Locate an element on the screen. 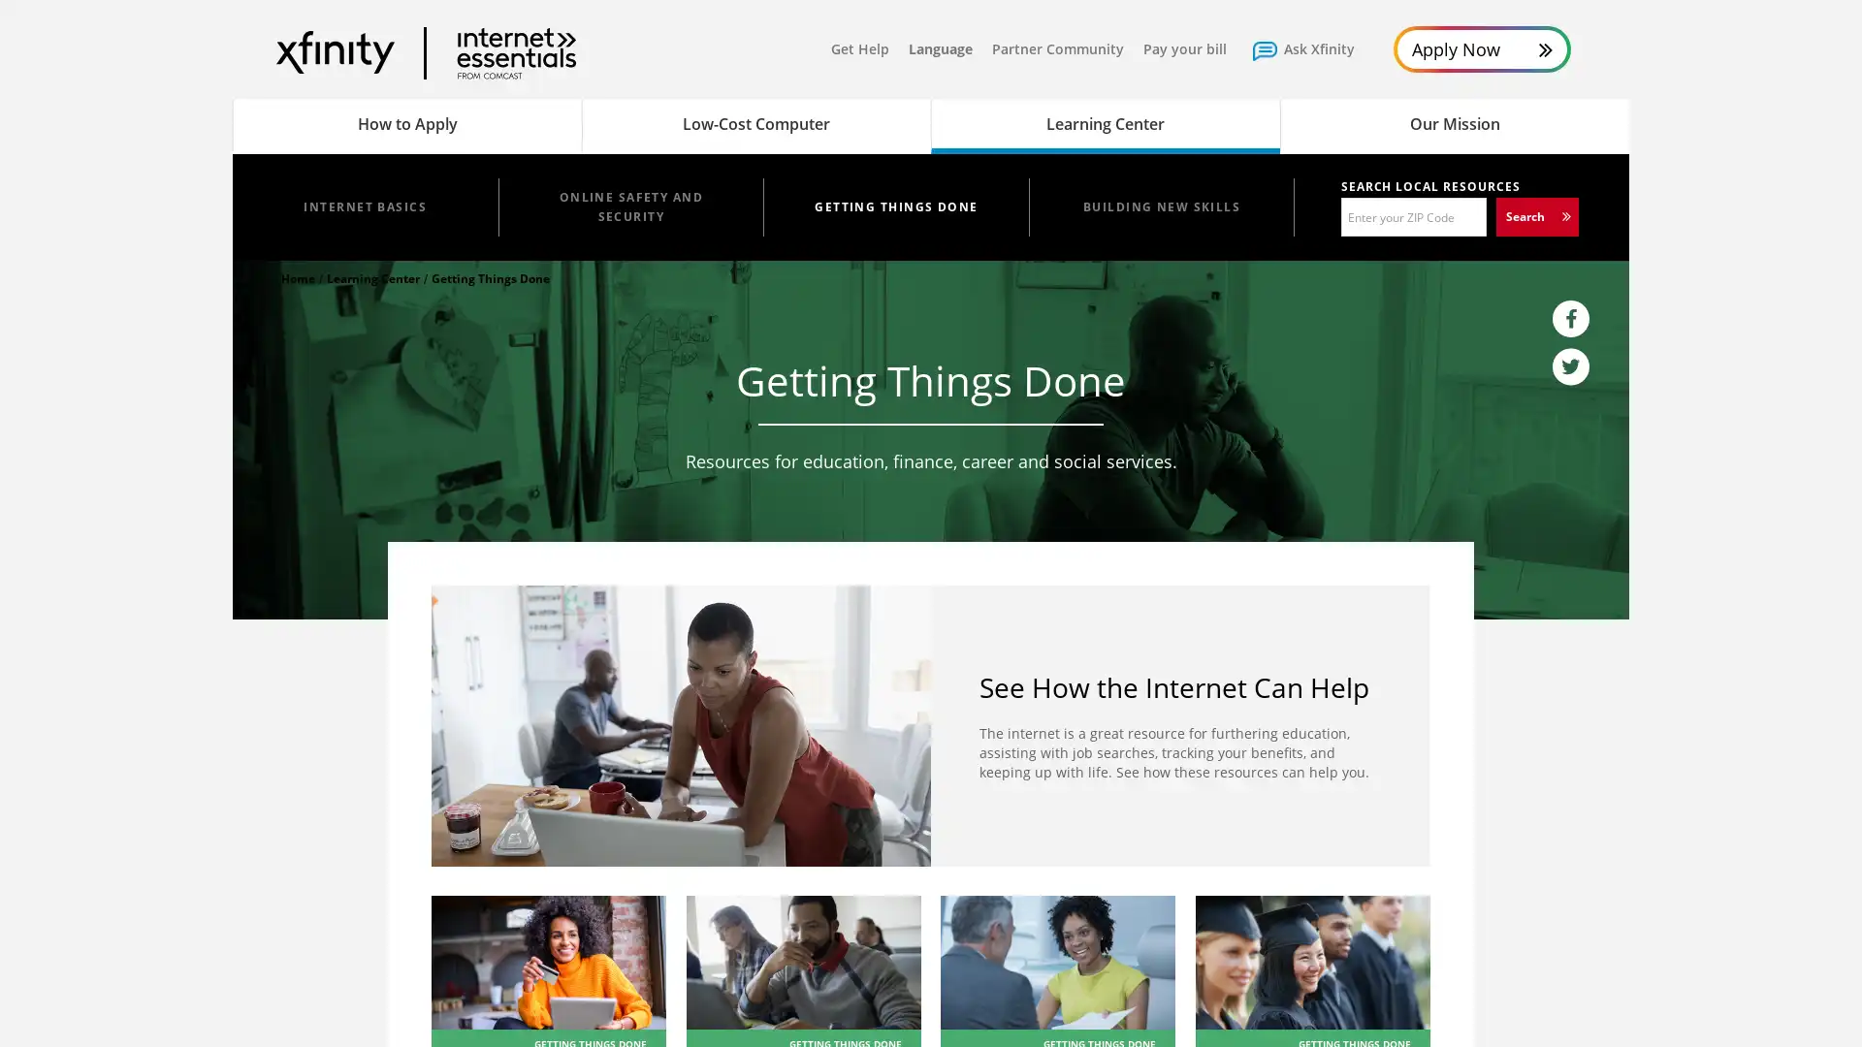 This screenshot has height=1047, width=1862. Apply Now is located at coordinates (1481, 45).